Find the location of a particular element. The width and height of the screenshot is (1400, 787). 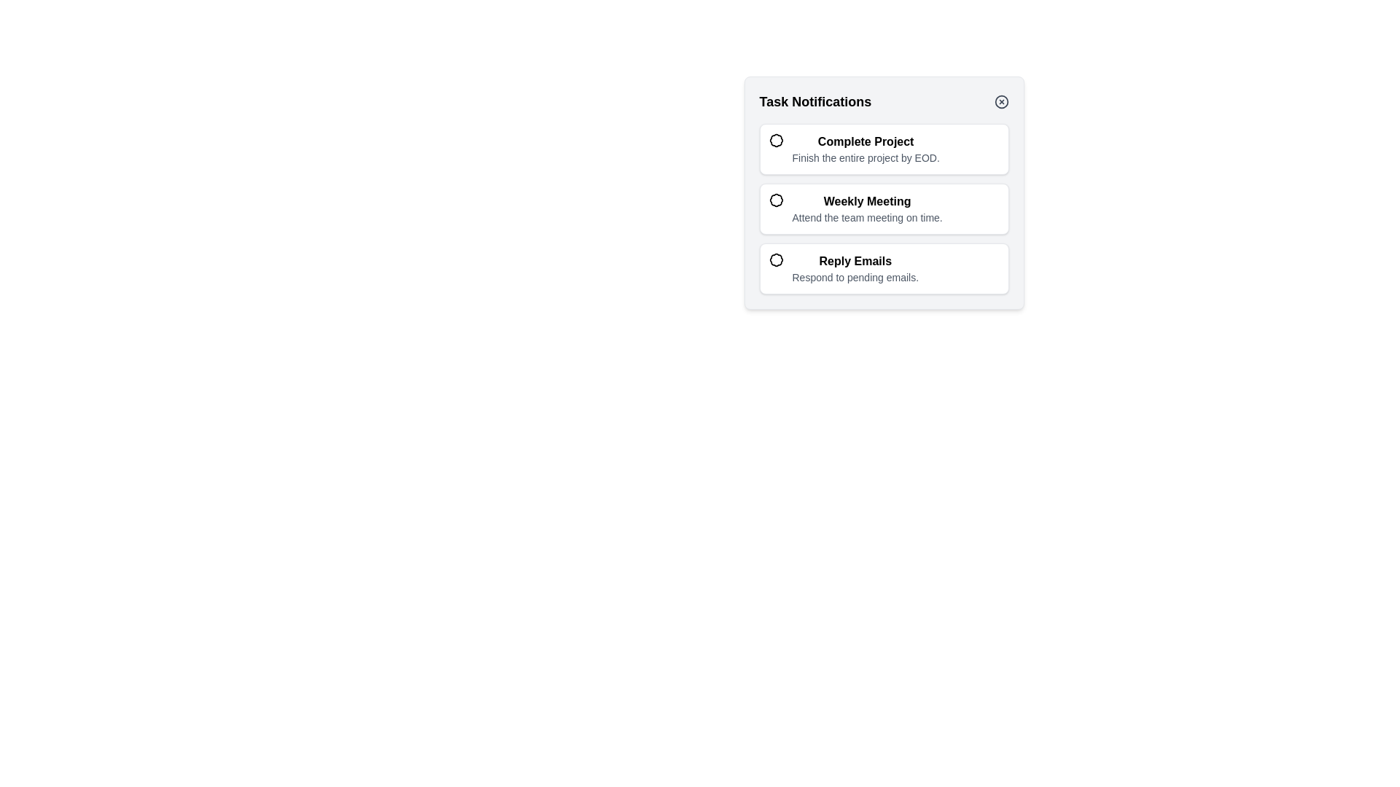

the title text label of the top task card in the task notifications section, which summarizes the task's main objective is located at coordinates (866, 142).